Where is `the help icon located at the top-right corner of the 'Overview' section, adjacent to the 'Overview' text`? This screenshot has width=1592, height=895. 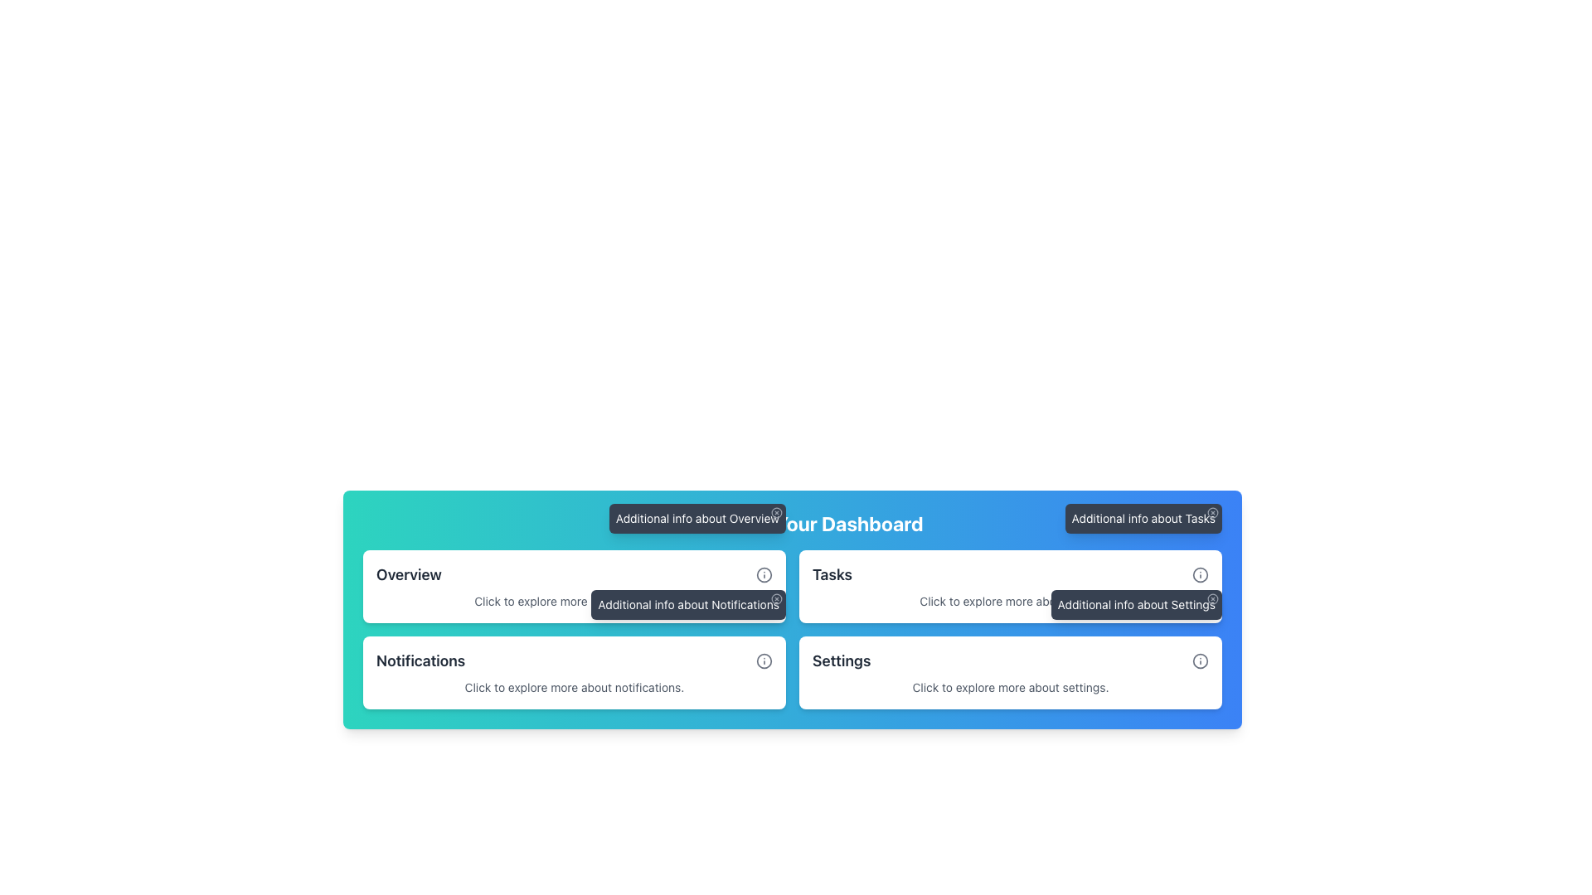
the help icon located at the top-right corner of the 'Overview' section, adjacent to the 'Overview' text is located at coordinates (763, 574).